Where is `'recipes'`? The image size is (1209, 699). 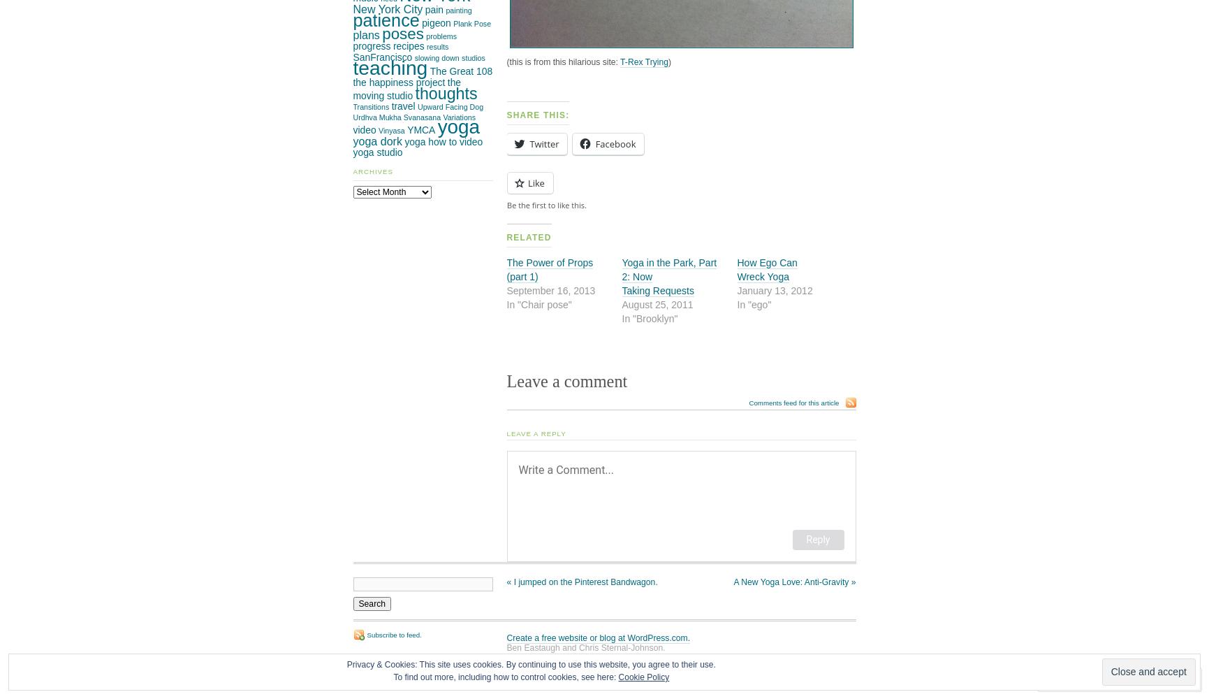
'recipes' is located at coordinates (392, 45).